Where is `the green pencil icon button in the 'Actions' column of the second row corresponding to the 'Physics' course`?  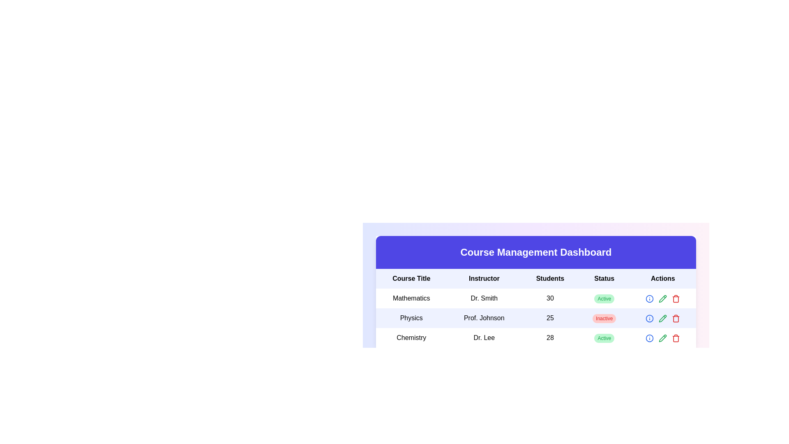 the green pencil icon button in the 'Actions' column of the second row corresponding to the 'Physics' course is located at coordinates (663, 318).